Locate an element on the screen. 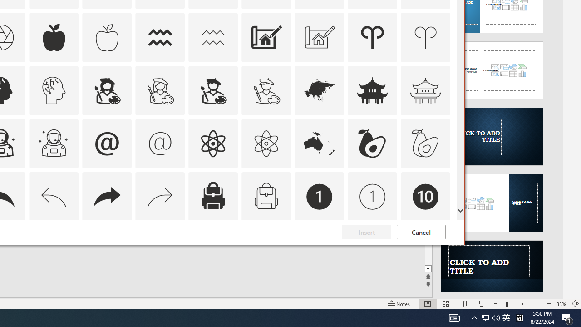 The image size is (581, 327). 'AutomationID: Icons_ArtificialIntelligence_M' is located at coordinates (54, 90).